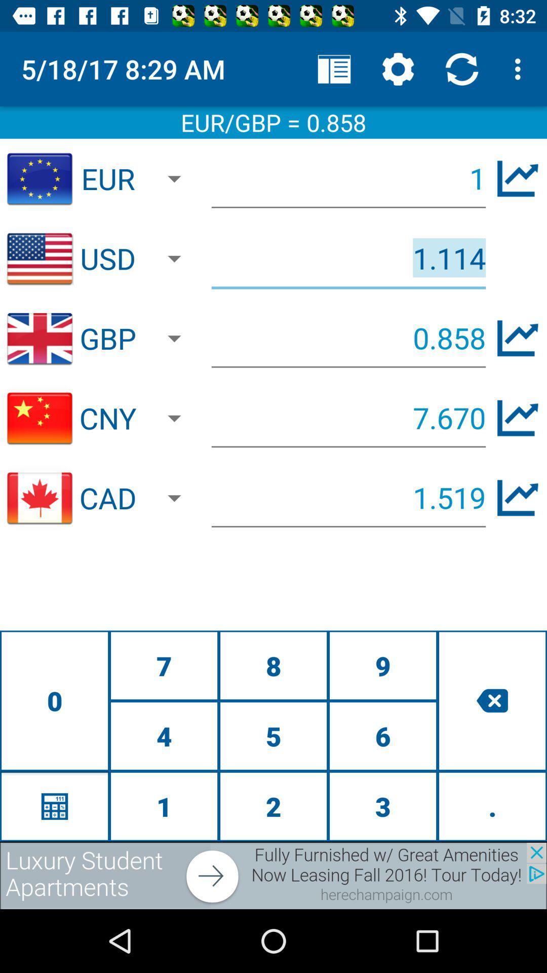 The image size is (547, 973). Describe the element at coordinates (518, 178) in the screenshot. I see `the edit icon` at that location.